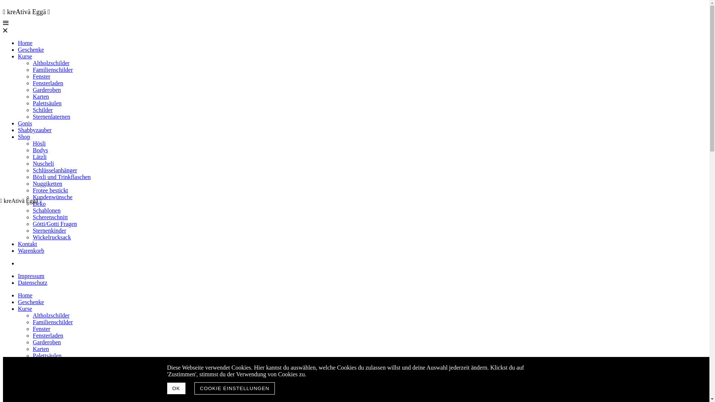 Image resolution: width=715 pixels, height=402 pixels. Describe the element at coordinates (18, 251) in the screenshot. I see `'Warenkorb'` at that location.